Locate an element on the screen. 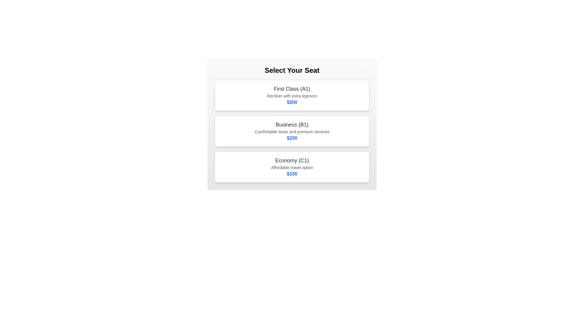 This screenshot has height=317, width=563. details provided in the informational card titled 'Business (B1)' which includes the subtitle and price information is located at coordinates (292, 131).